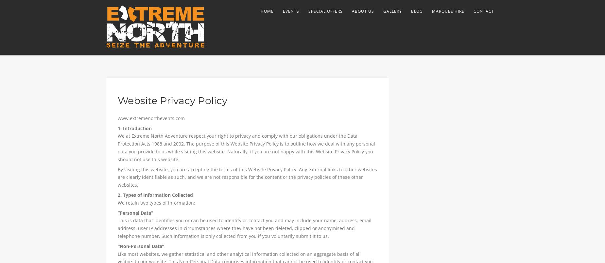 This screenshot has height=263, width=605. What do you see at coordinates (246, 147) in the screenshot?
I see `'We at Extreme North Adventure respect your right to privacy and comply with our obligations under the Data Protection Acts 1988 and 2002. The purpose of this Website Privacy Policy is to outline how we deal with any personal data you provide to us while visiting this website. Naturally, if you are not happy with this Website Privacy Policy you should not use this website.'` at bounding box center [246, 147].